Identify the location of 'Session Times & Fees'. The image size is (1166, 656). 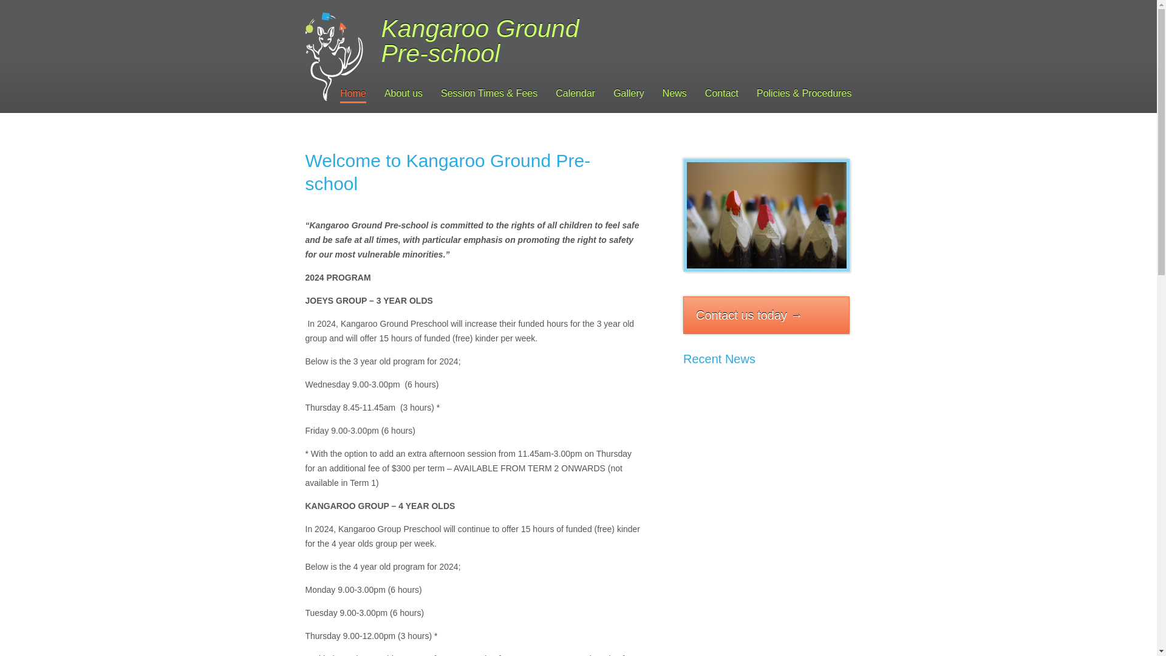
(489, 94).